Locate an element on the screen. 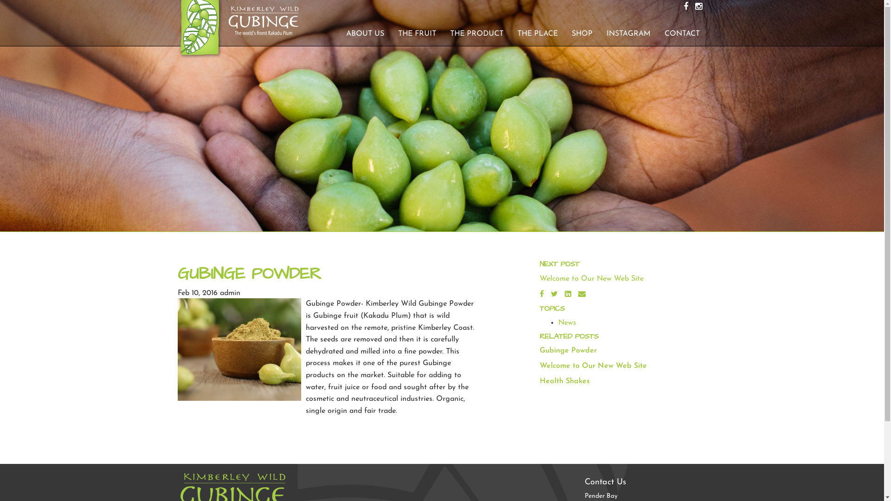 This screenshot has width=891, height=501. 'Welcome to Our New Web Site' is located at coordinates (592, 366).